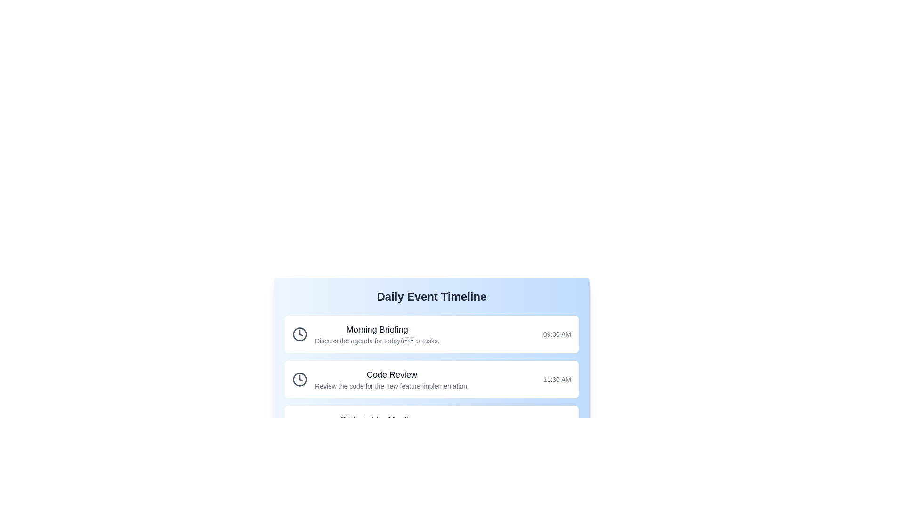 Image resolution: width=904 pixels, height=508 pixels. I want to click on the icon associated with the event titled Stakeholder Meeting, so click(299, 424).